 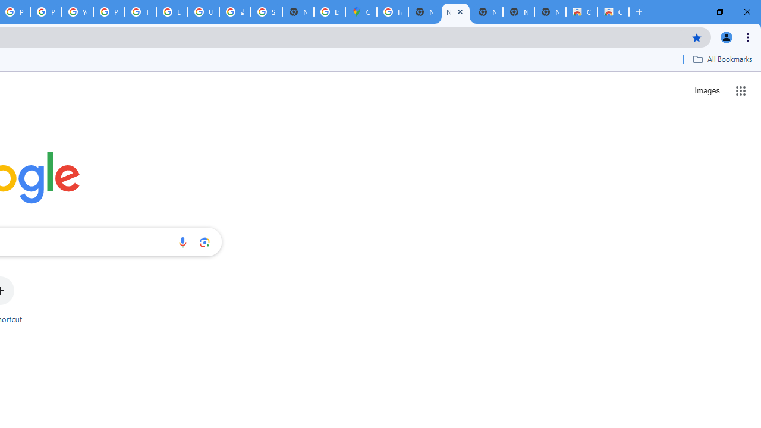 I want to click on 'Sign in - Google Accounts', so click(x=266, y=12).